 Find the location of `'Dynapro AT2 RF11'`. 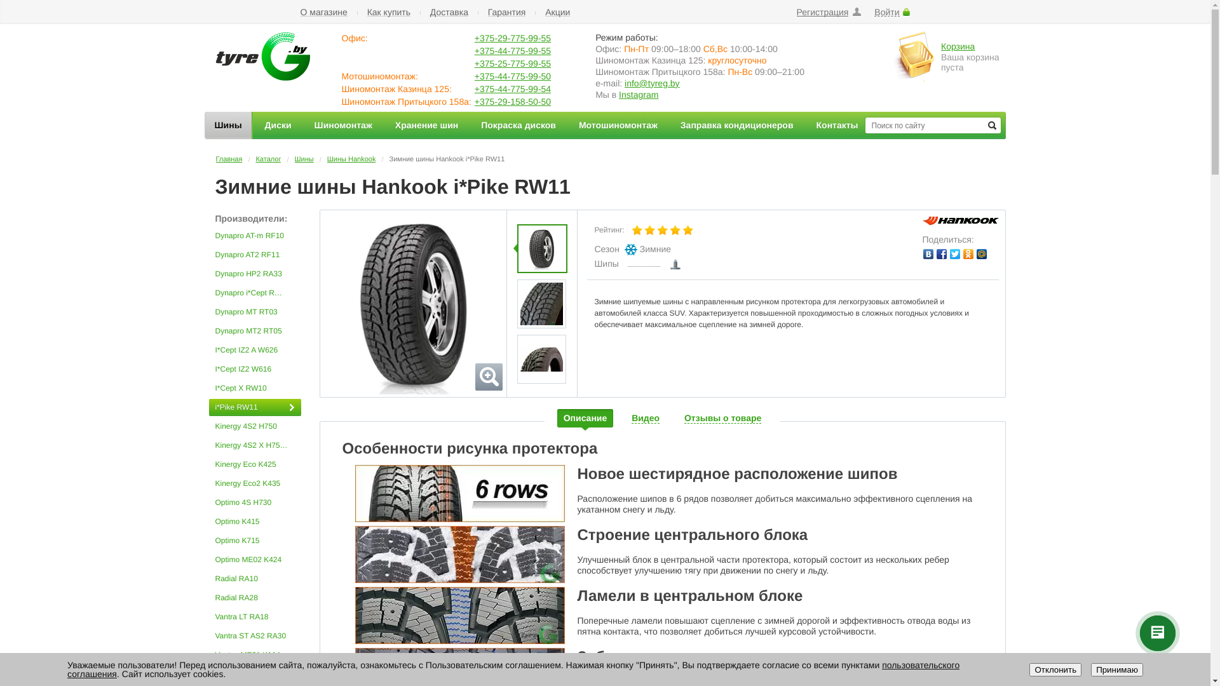

'Dynapro AT2 RF11' is located at coordinates (254, 255).